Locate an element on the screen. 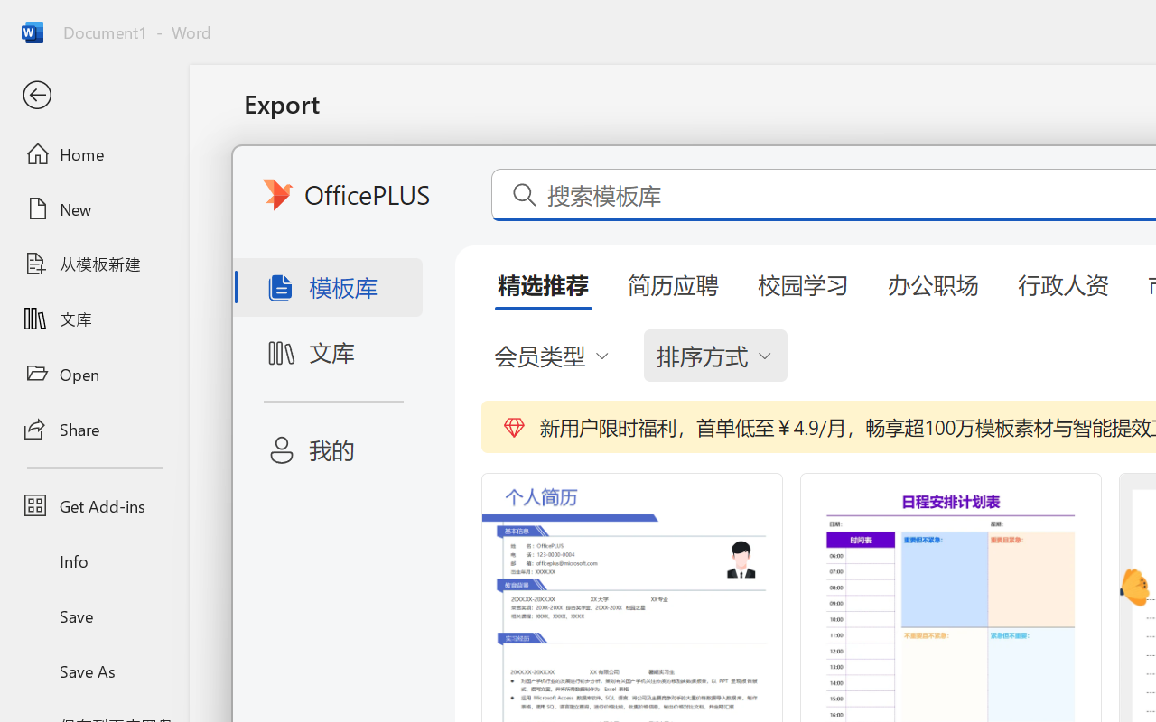 The width and height of the screenshot is (1156, 722). 'New' is located at coordinates (93, 208).